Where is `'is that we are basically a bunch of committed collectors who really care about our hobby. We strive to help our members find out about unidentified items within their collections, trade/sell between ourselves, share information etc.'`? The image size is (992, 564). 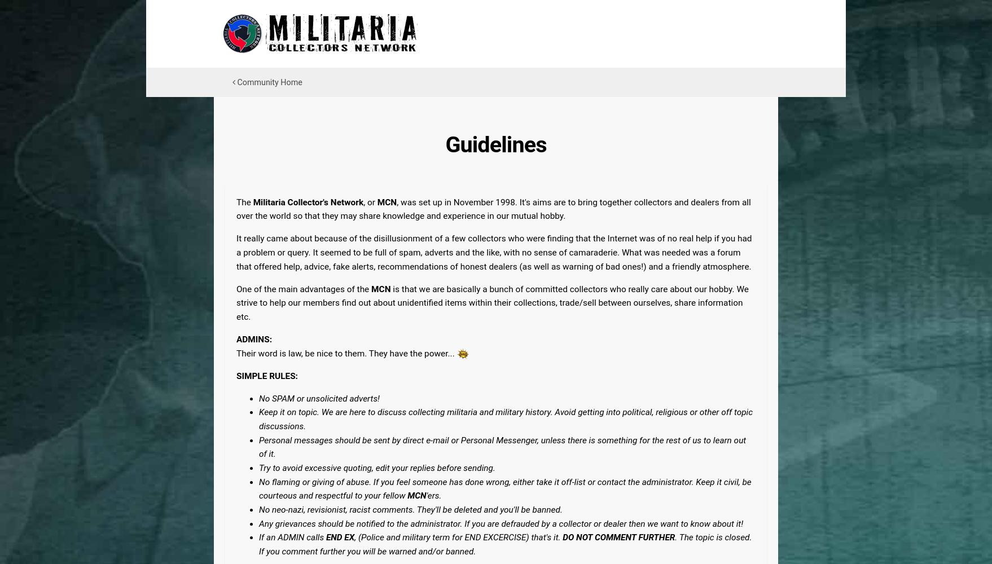 'is that we are basically a bunch of committed collectors who really care about our hobby. We strive to help our members find out about unidentified items within their collections, trade/sell between ourselves, share information etc.' is located at coordinates (236, 303).